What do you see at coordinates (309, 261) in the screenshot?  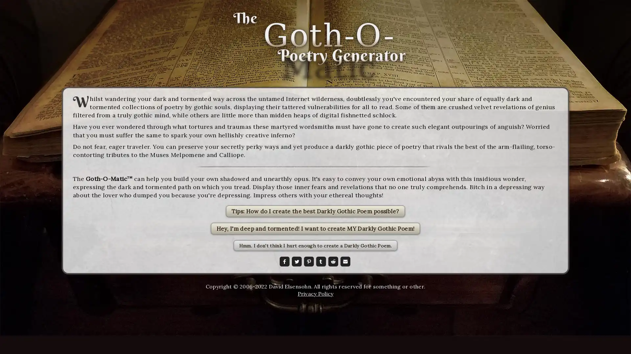 I see `Share to Pinterest` at bounding box center [309, 261].